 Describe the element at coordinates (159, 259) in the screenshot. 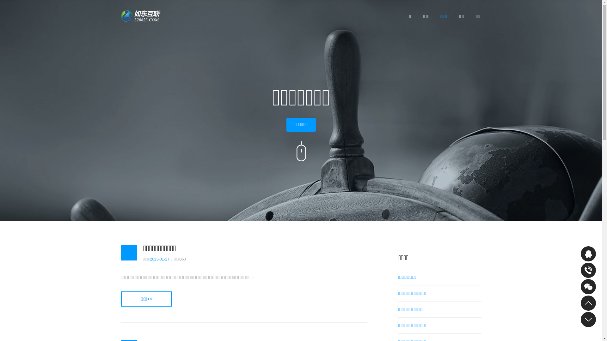

I see `'2023-01-27'` at that location.